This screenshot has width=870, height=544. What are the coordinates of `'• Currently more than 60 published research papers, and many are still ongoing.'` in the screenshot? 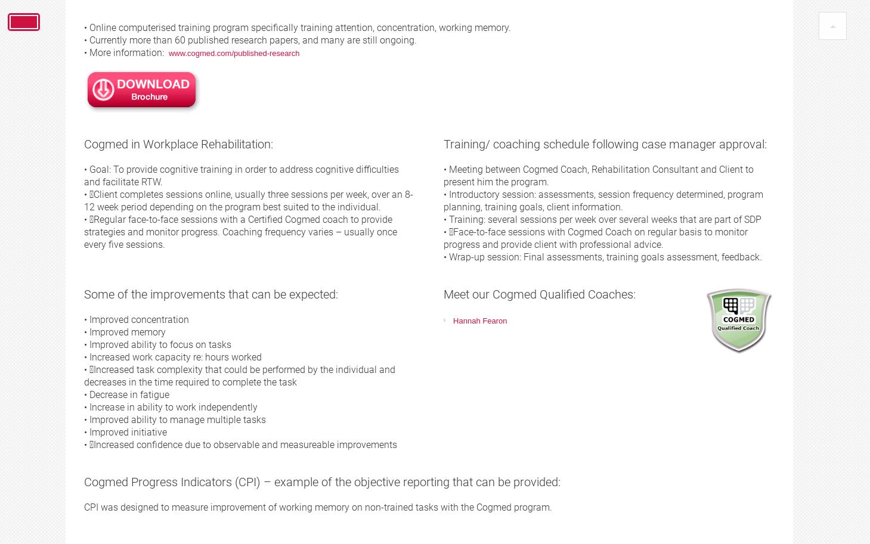 It's located at (250, 39).